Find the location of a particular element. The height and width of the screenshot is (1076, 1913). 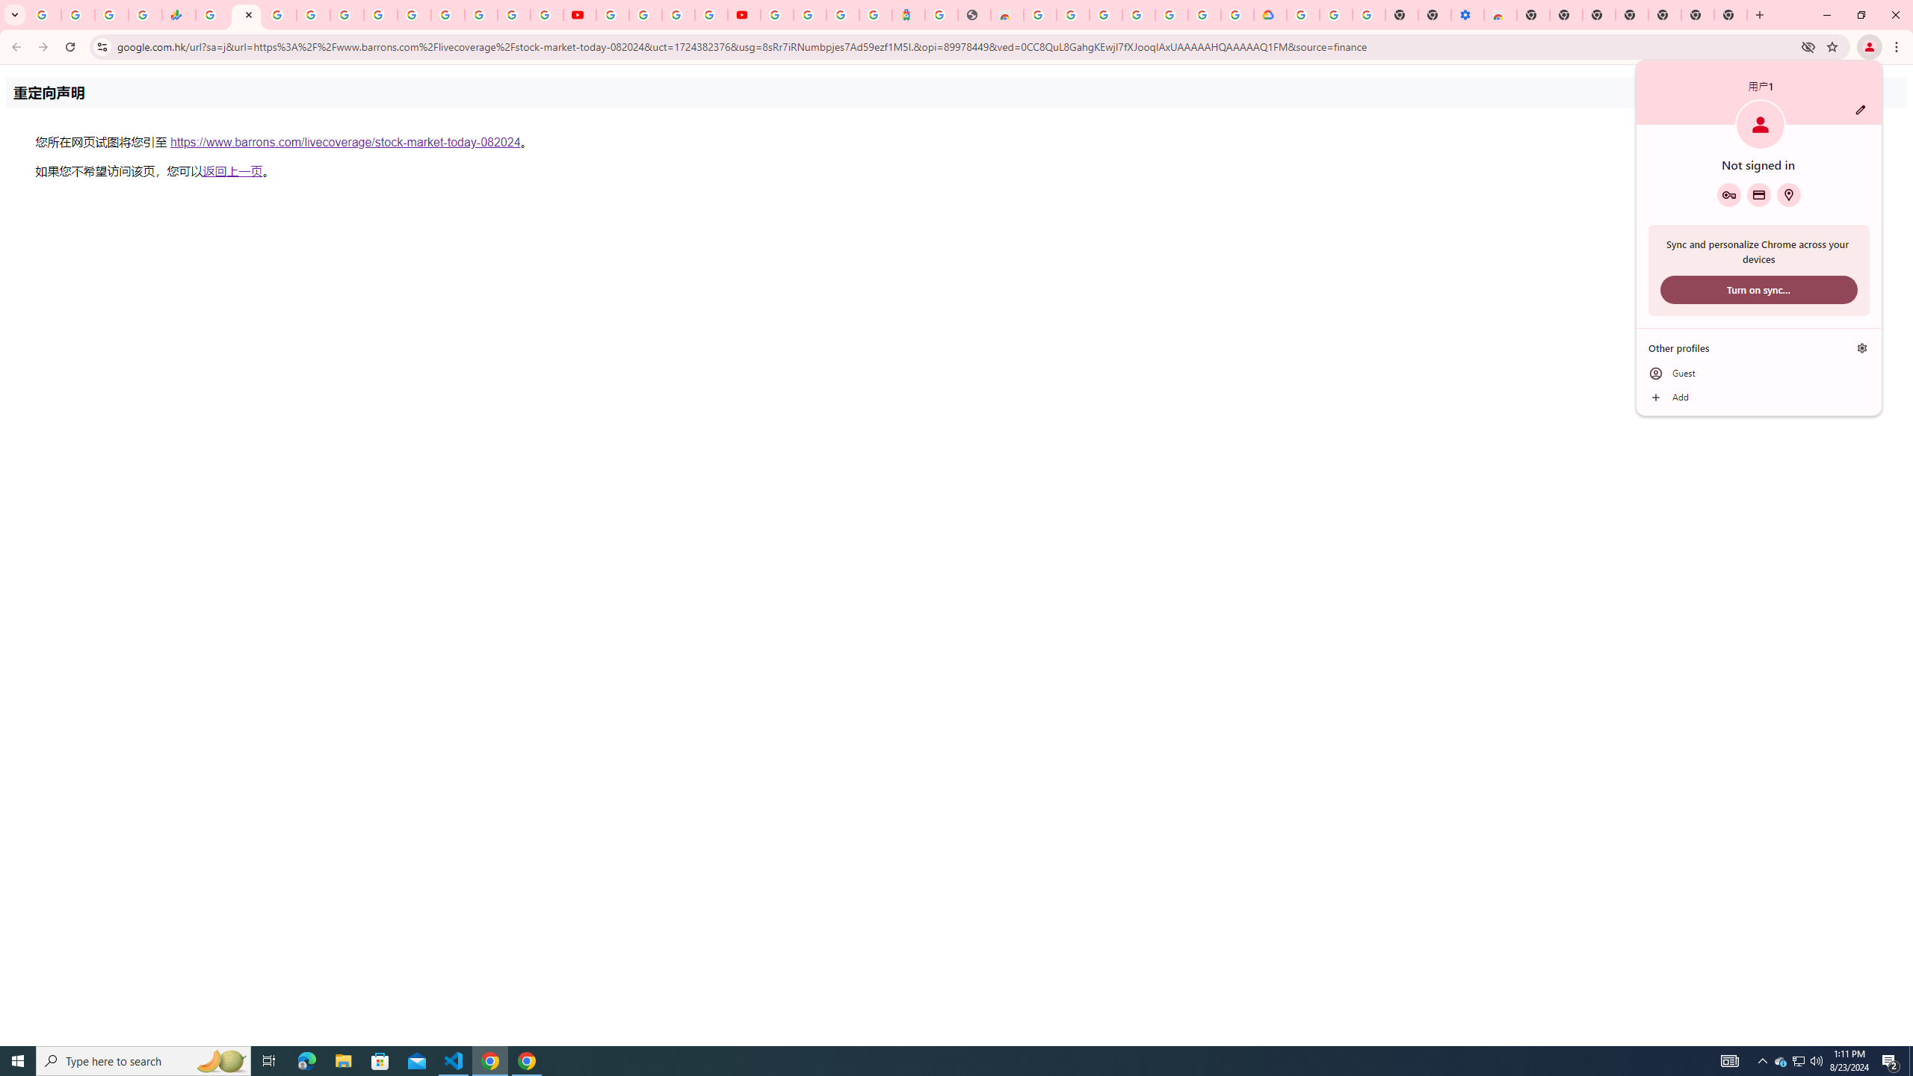

'Payment methods' is located at coordinates (1758, 194).